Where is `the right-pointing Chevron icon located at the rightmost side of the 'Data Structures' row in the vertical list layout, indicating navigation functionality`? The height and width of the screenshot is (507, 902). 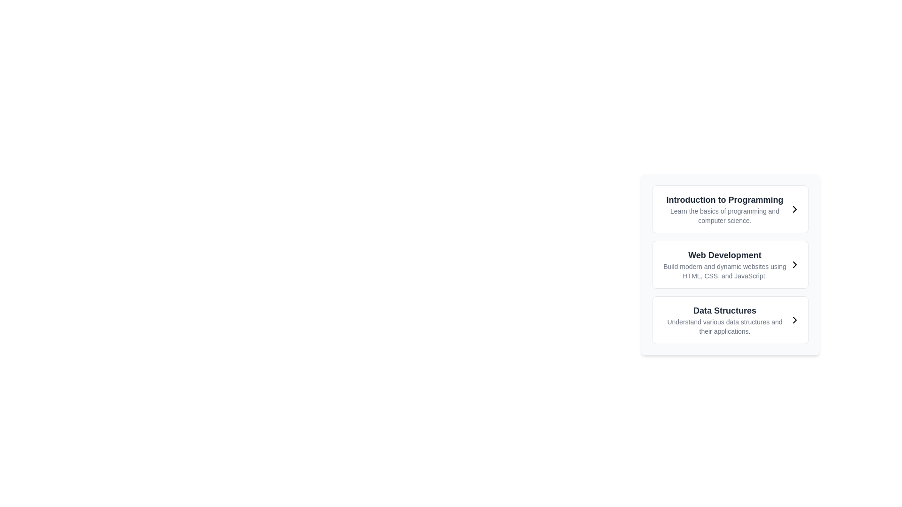
the right-pointing Chevron icon located at the rightmost side of the 'Data Structures' row in the vertical list layout, indicating navigation functionality is located at coordinates (794, 320).